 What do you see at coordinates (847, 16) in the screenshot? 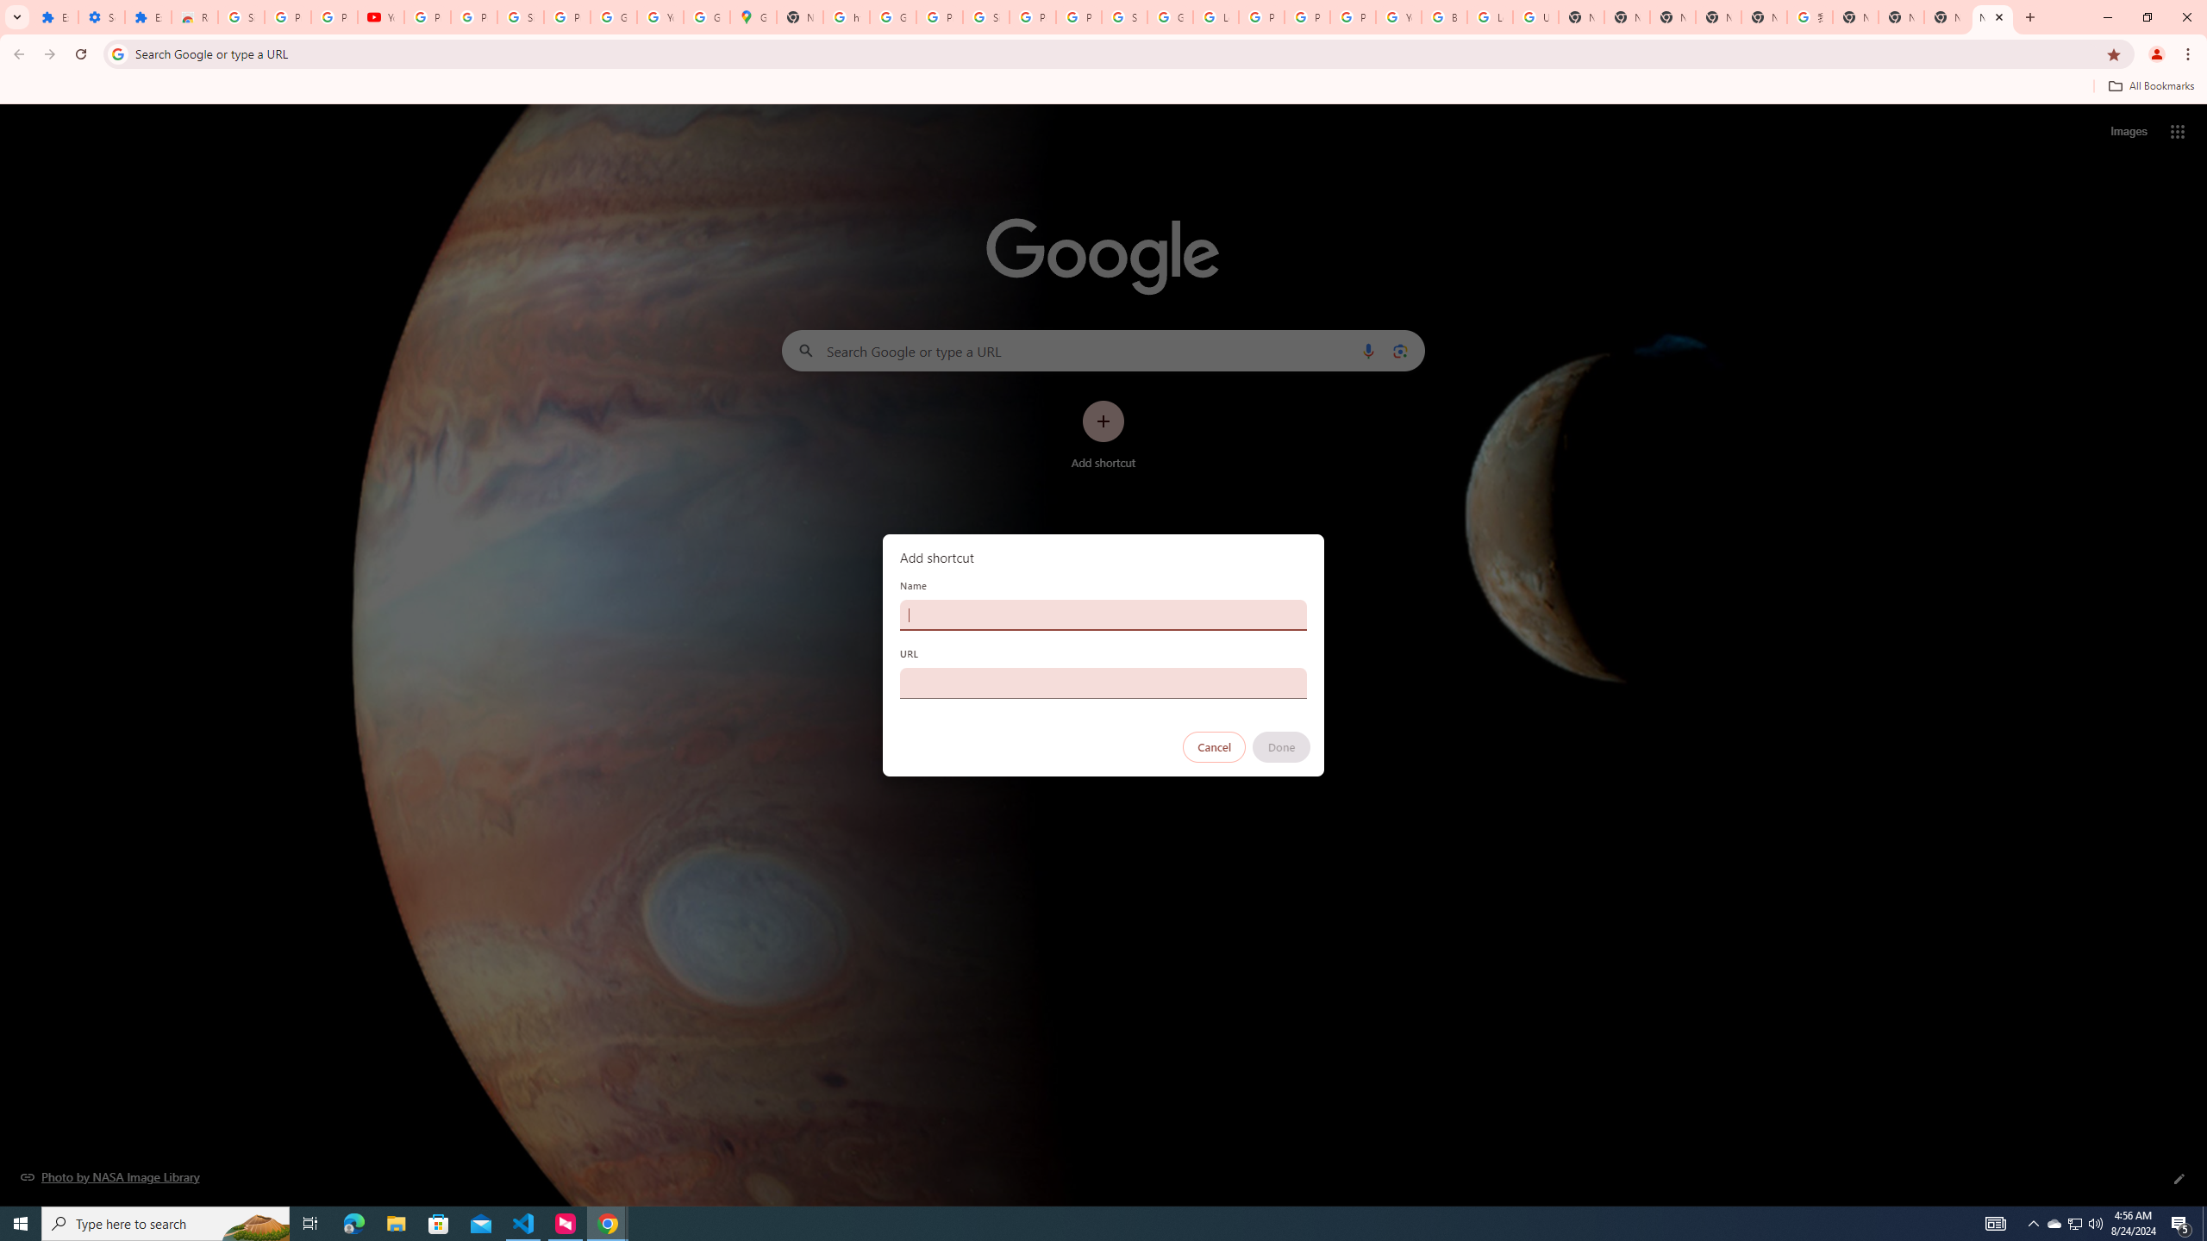
I see `'https://scholar.google.com/'` at bounding box center [847, 16].